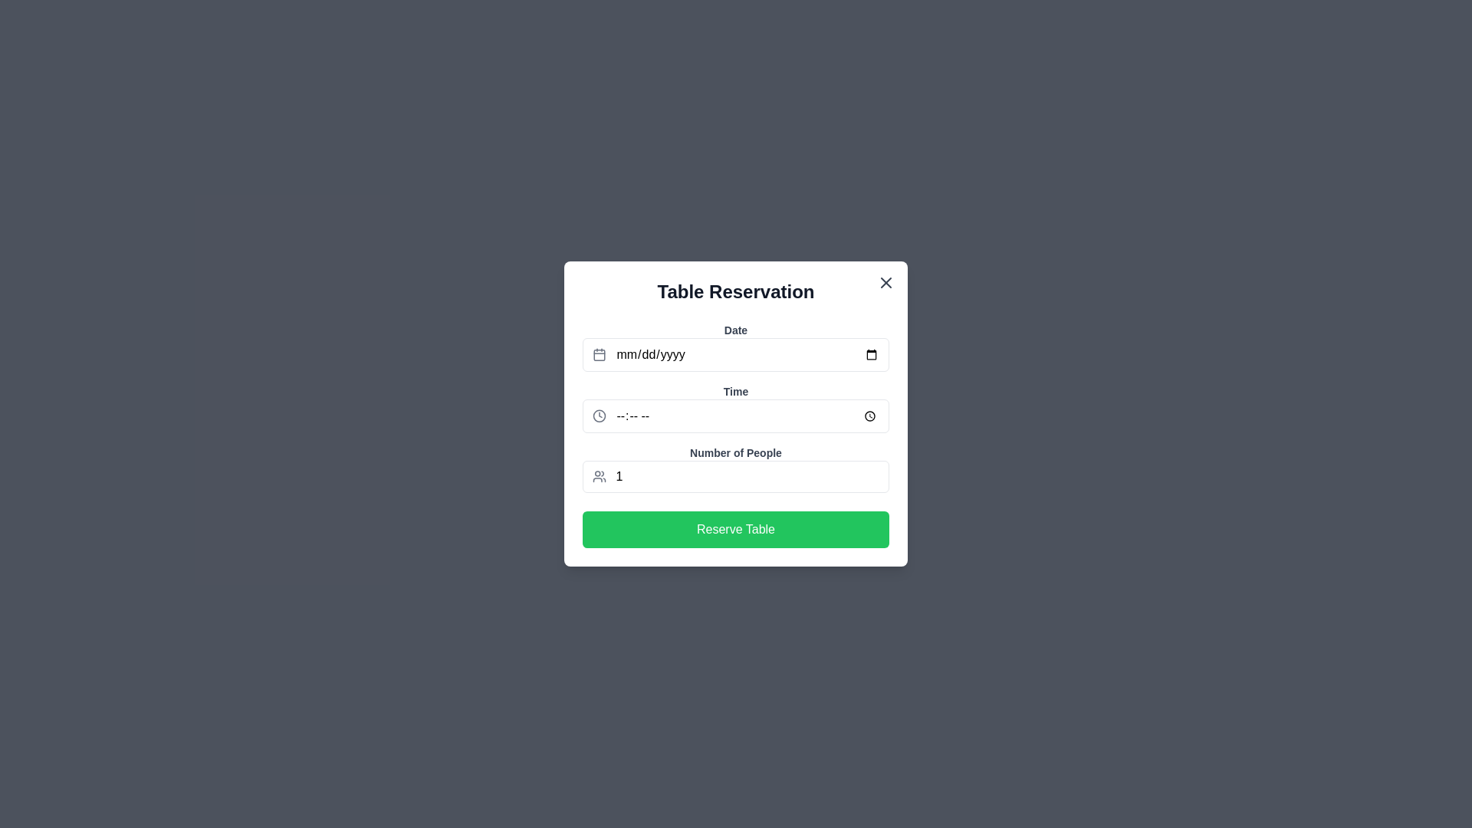 This screenshot has height=828, width=1472. What do you see at coordinates (736, 390) in the screenshot?
I see `the 'Time' text label, which is styled with a small font size, semi-bold weight, and gray color, located at the center of the dialog box in the top half` at bounding box center [736, 390].